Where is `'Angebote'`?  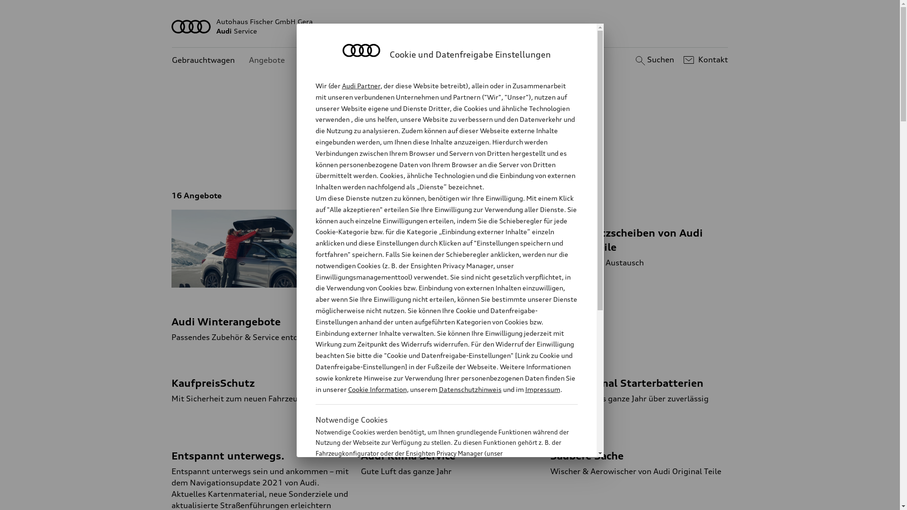 'Angebote' is located at coordinates (266, 60).